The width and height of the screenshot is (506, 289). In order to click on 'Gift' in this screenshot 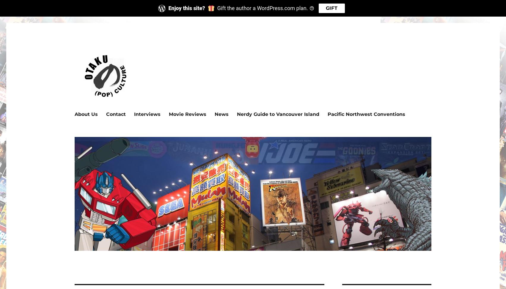, I will do `click(325, 8)`.